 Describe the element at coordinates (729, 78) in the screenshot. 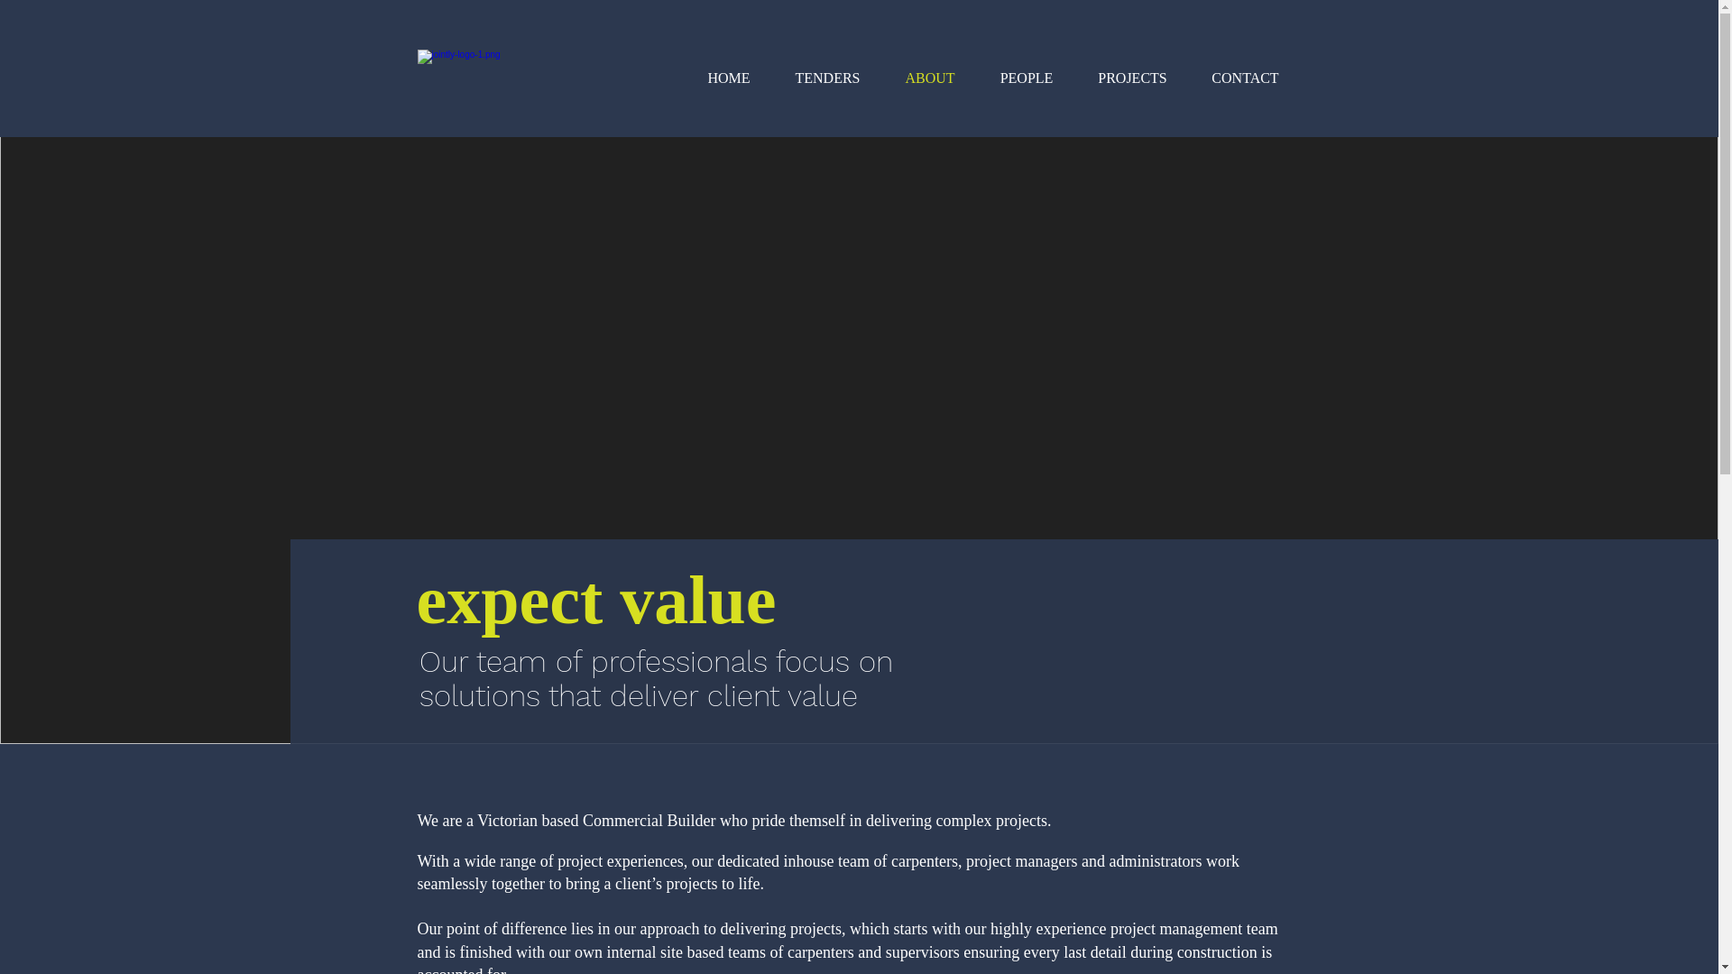

I see `'HOME'` at that location.